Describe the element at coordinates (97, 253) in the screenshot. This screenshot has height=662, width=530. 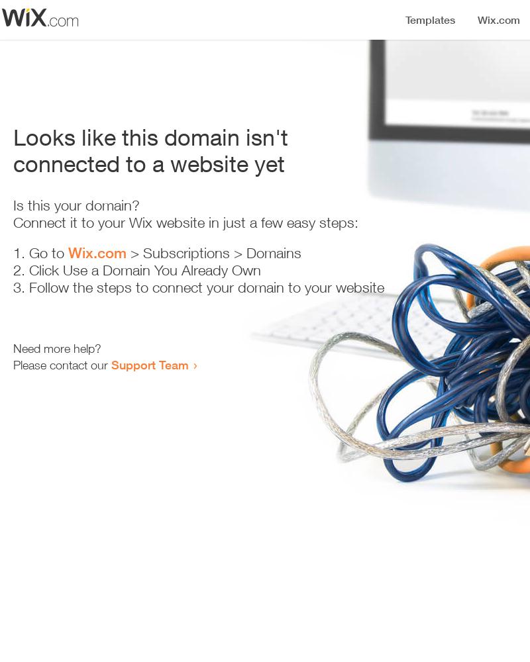
I see `'Wix.com'` at that location.